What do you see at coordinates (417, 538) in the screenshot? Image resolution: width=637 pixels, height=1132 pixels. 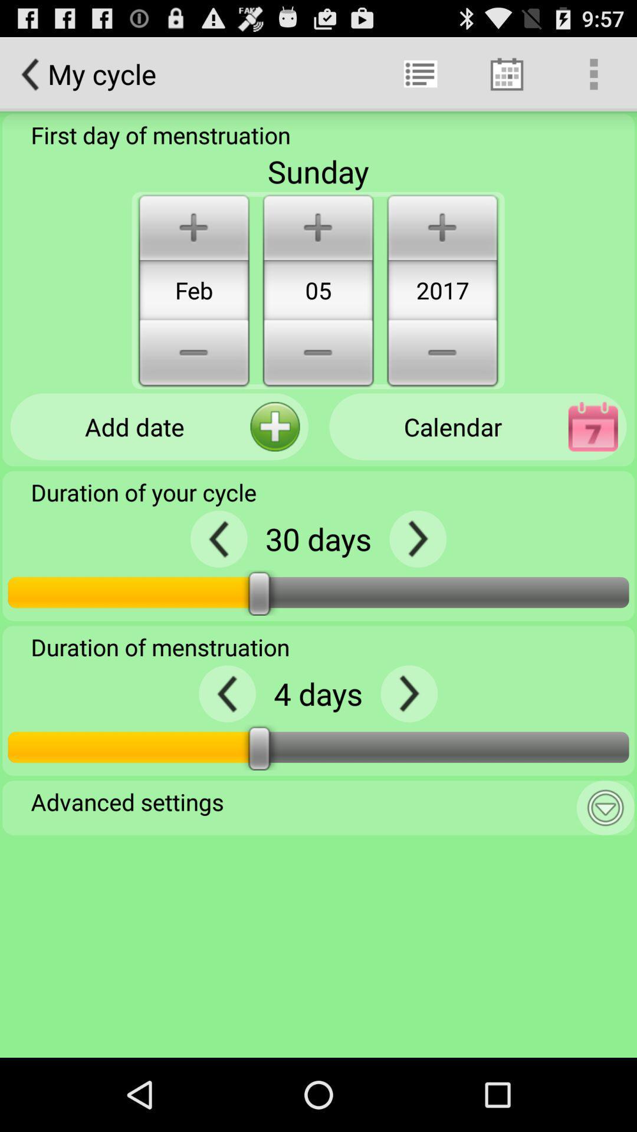 I see `the button which is next to the 30 days` at bounding box center [417, 538].